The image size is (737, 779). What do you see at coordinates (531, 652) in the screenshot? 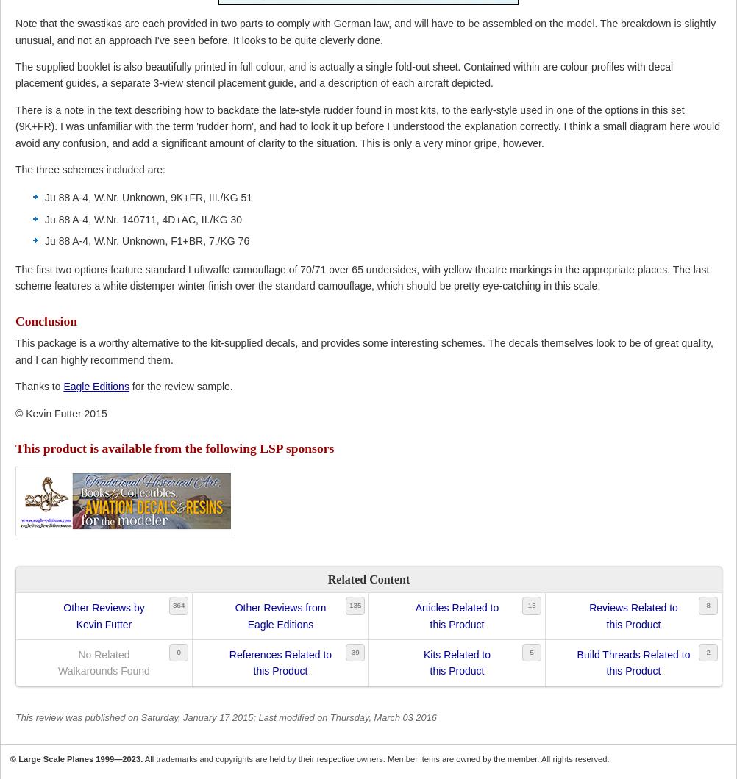
I see `'5'` at bounding box center [531, 652].